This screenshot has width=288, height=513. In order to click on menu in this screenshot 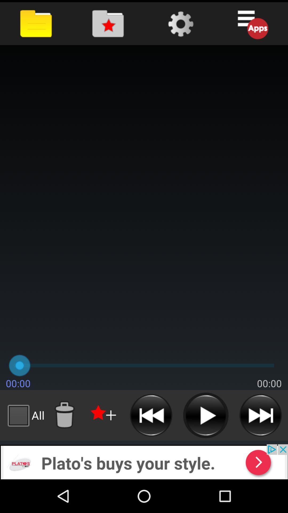, I will do `click(252, 23)`.